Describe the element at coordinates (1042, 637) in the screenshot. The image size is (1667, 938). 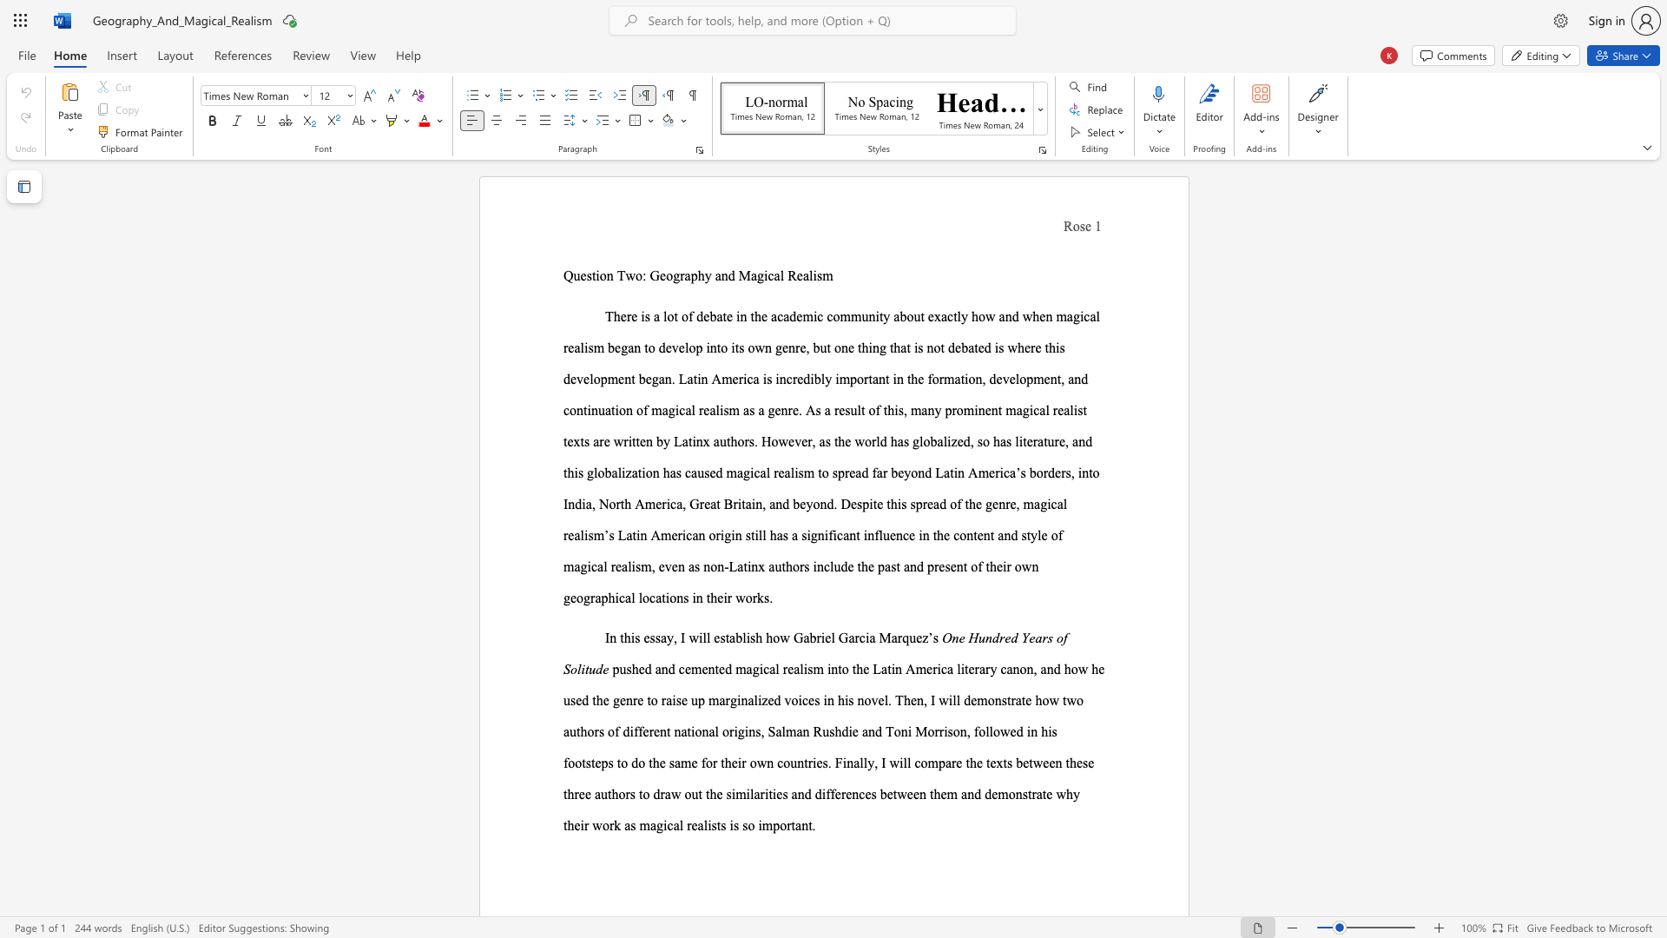
I see `the subset text "rs of Sol" within the text "One Hundred Years of Solitude"` at that location.